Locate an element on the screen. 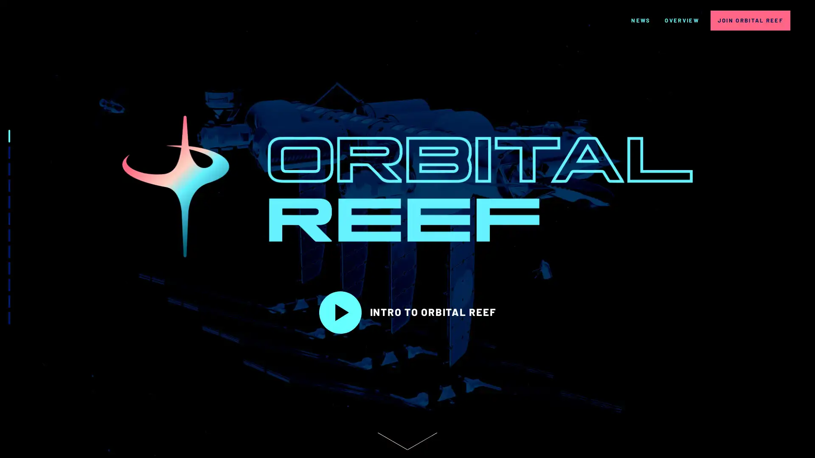  NEWS is located at coordinates (641, 20).